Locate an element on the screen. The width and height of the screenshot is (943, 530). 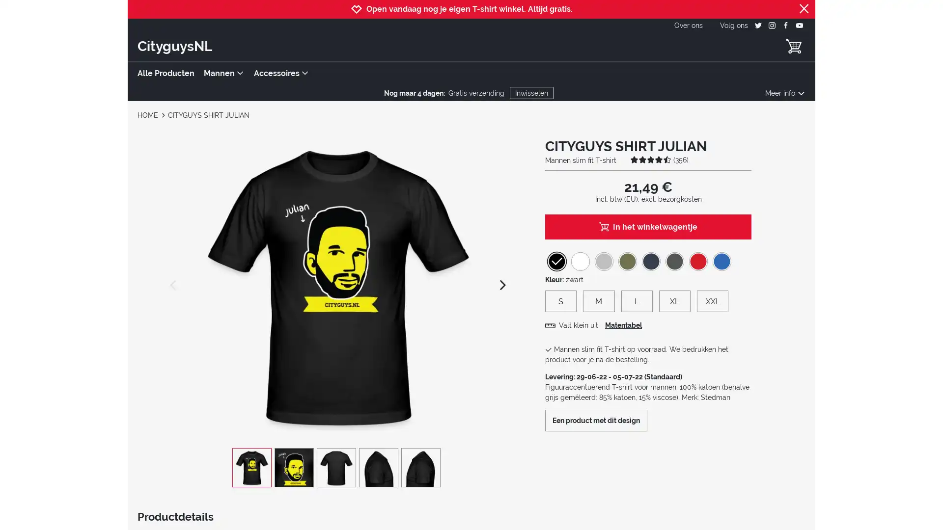
XL is located at coordinates (674, 300).